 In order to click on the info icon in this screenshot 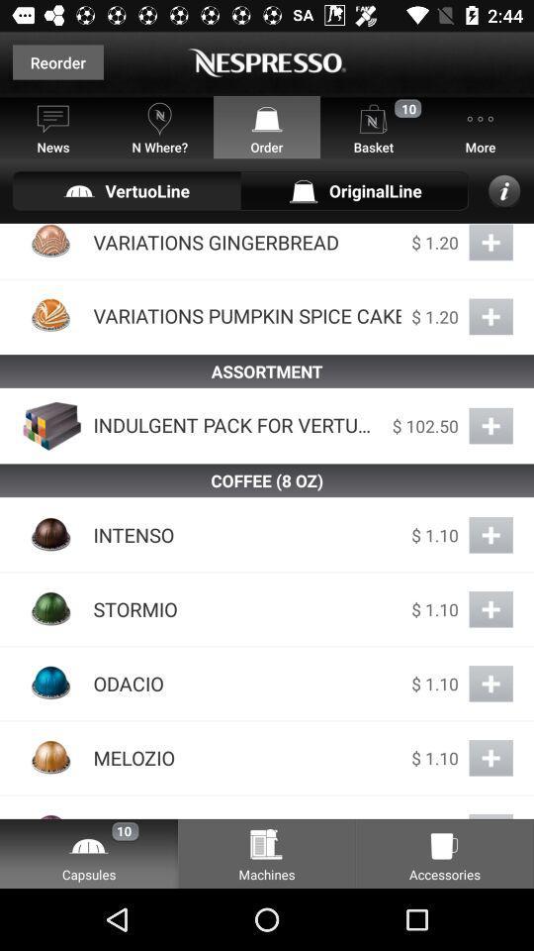, I will do `click(504, 190)`.